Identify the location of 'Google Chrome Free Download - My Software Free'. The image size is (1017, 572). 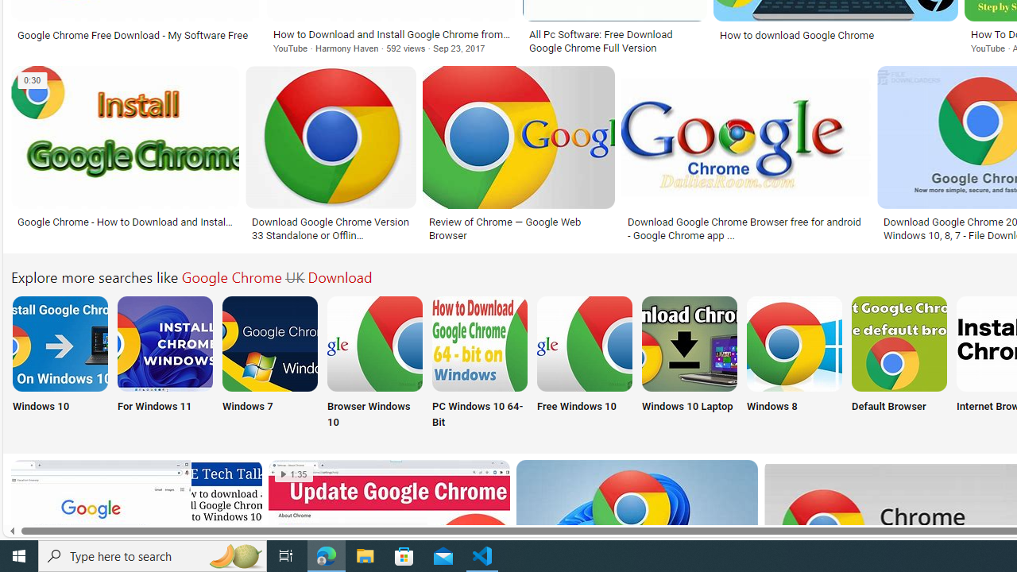
(135, 35).